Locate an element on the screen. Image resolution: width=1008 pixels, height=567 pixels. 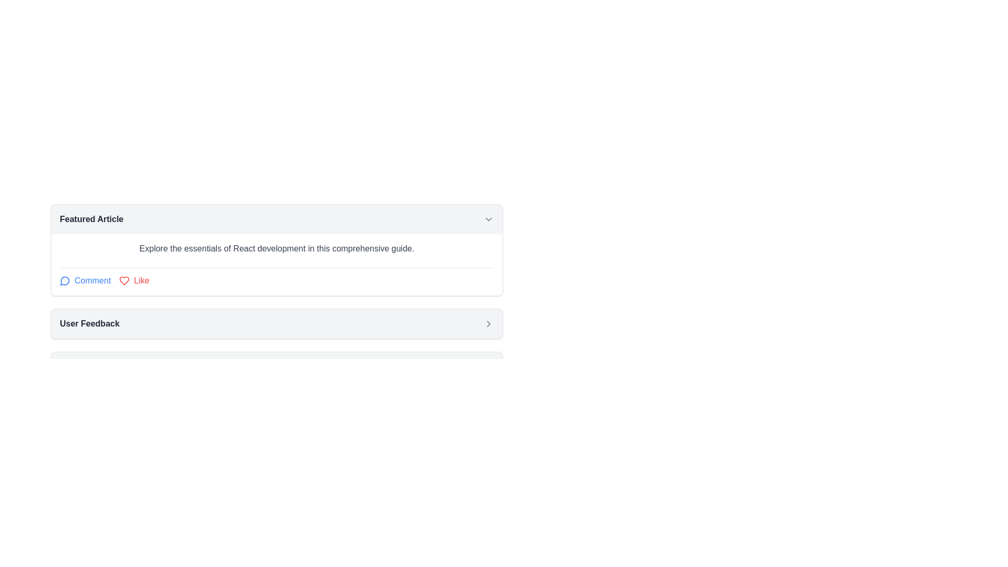
the heart-shaped icon to like the post located in the action bar below the content titled 'Explore the essentials of React development in this comprehensive guide.' is located at coordinates (124, 280).